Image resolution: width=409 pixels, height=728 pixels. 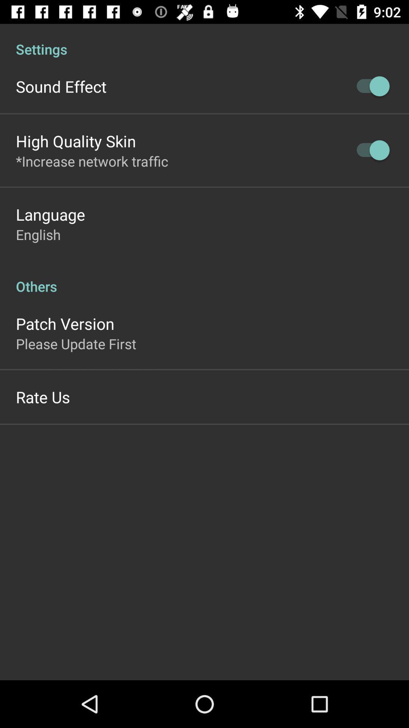 What do you see at coordinates (65, 323) in the screenshot?
I see `the patch version item` at bounding box center [65, 323].